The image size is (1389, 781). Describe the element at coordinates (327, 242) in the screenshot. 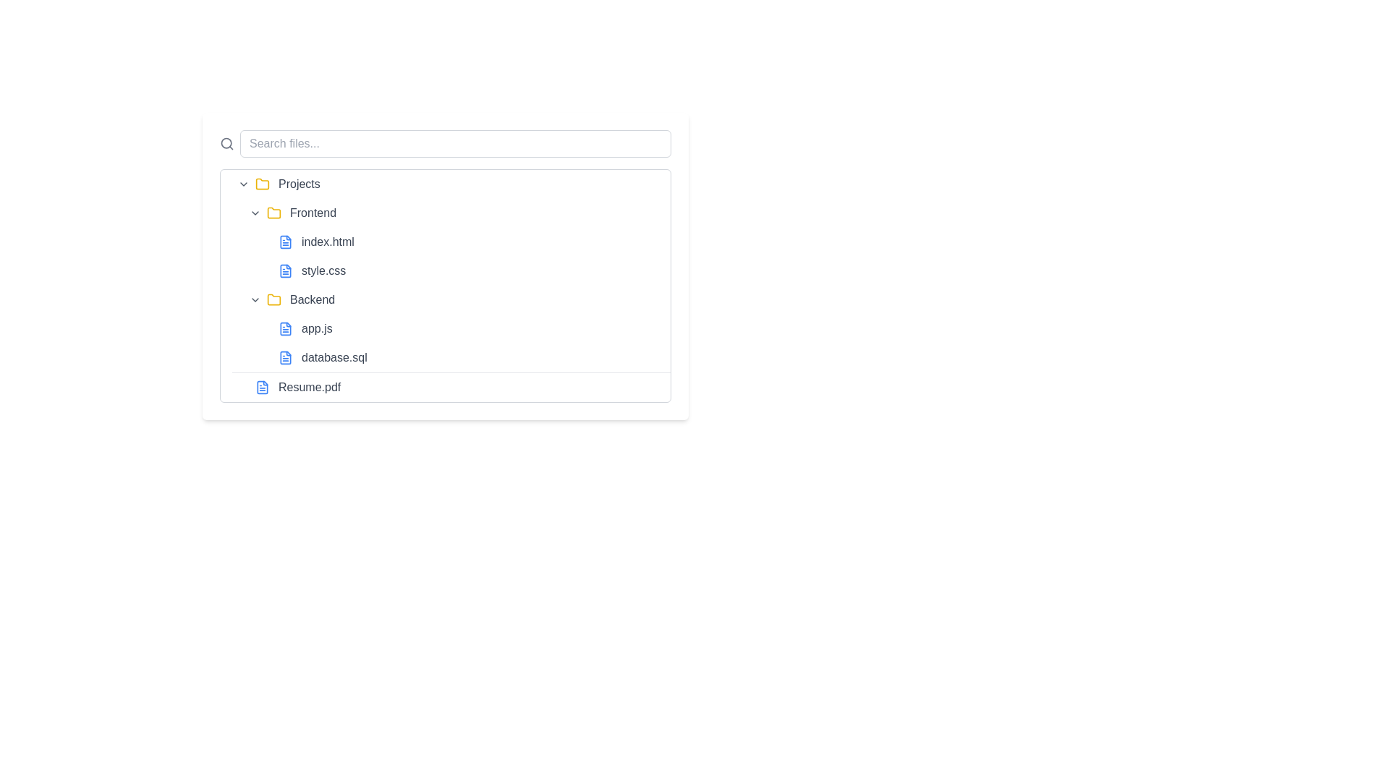

I see `the 'index.html' file label in the 'Frontend' folder` at that location.